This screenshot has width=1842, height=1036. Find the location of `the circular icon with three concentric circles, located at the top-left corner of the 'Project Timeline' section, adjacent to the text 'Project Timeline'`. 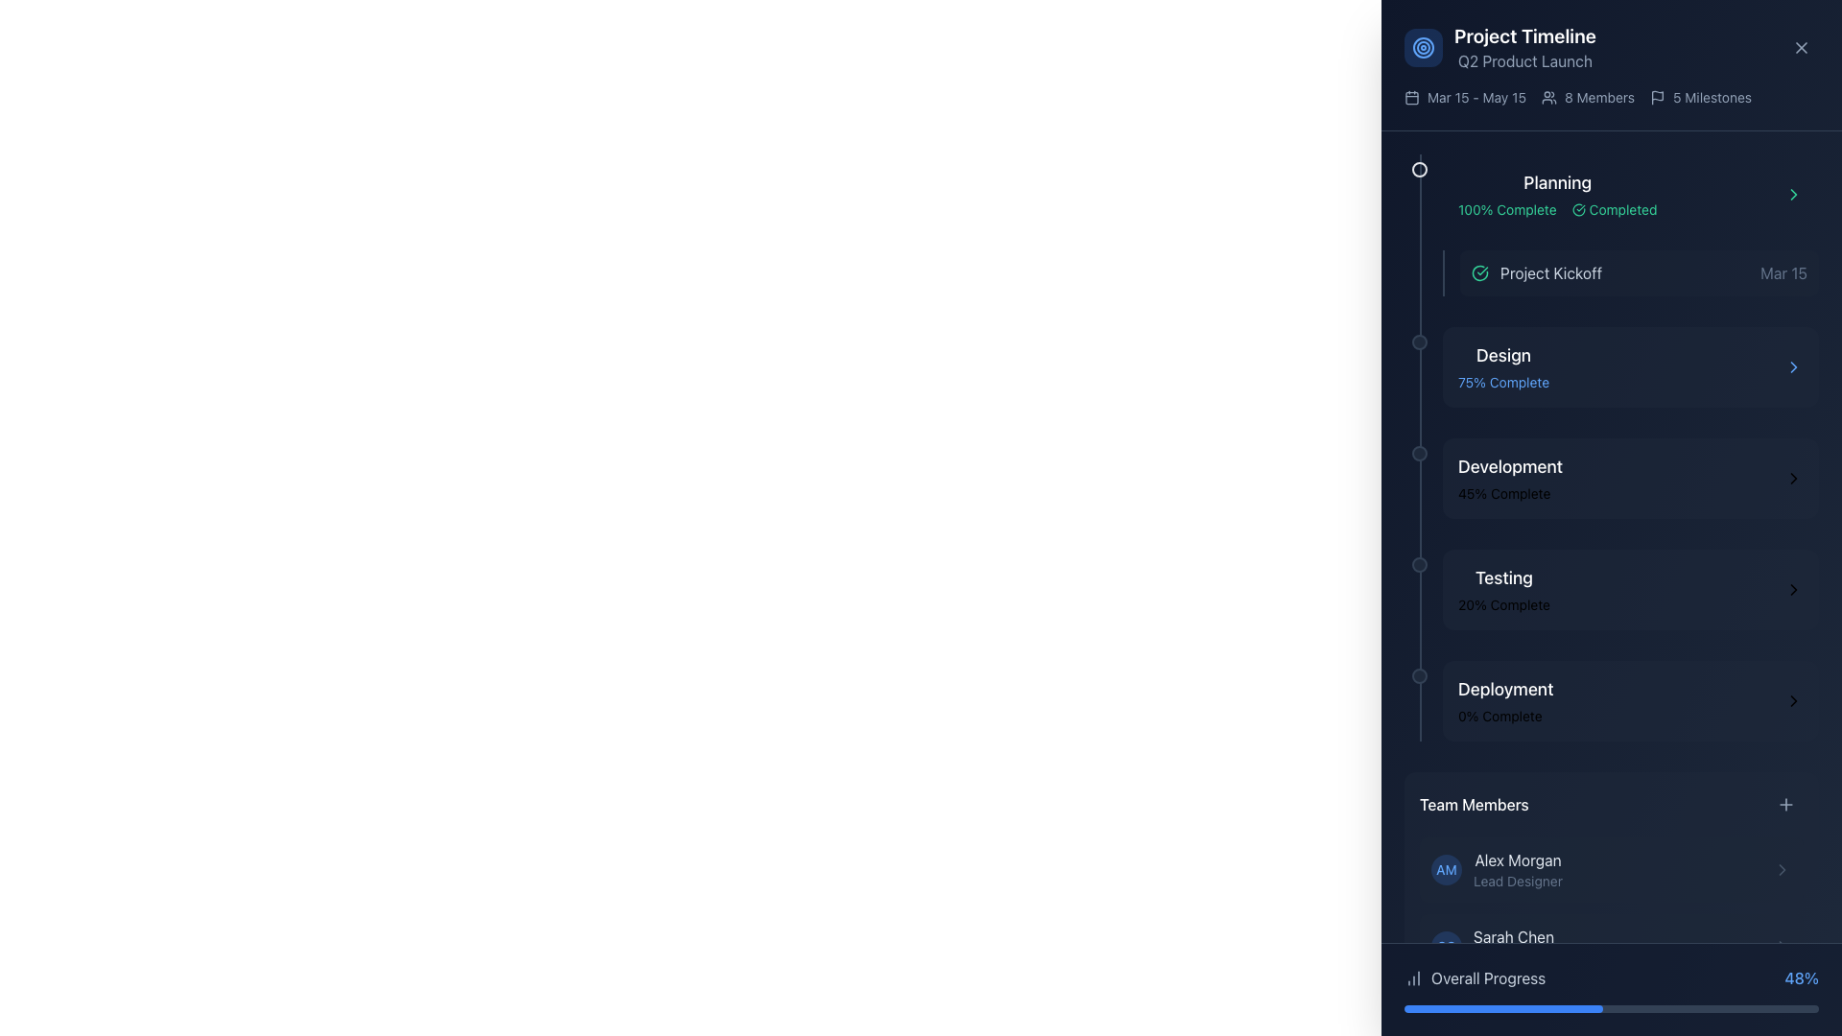

the circular icon with three concentric circles, located at the top-left corner of the 'Project Timeline' section, adjacent to the text 'Project Timeline' is located at coordinates (1423, 47).